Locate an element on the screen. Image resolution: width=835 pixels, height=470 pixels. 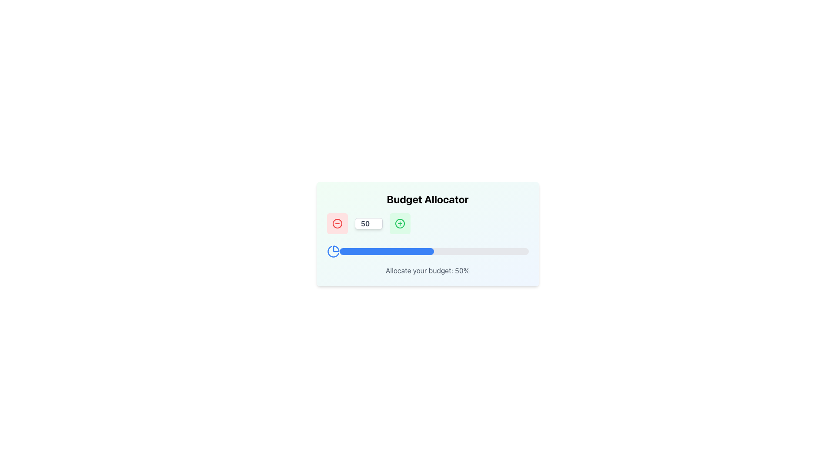
the pie chart icon with a blue outline, which is located before the progress bar in the interface is located at coordinates (333, 252).